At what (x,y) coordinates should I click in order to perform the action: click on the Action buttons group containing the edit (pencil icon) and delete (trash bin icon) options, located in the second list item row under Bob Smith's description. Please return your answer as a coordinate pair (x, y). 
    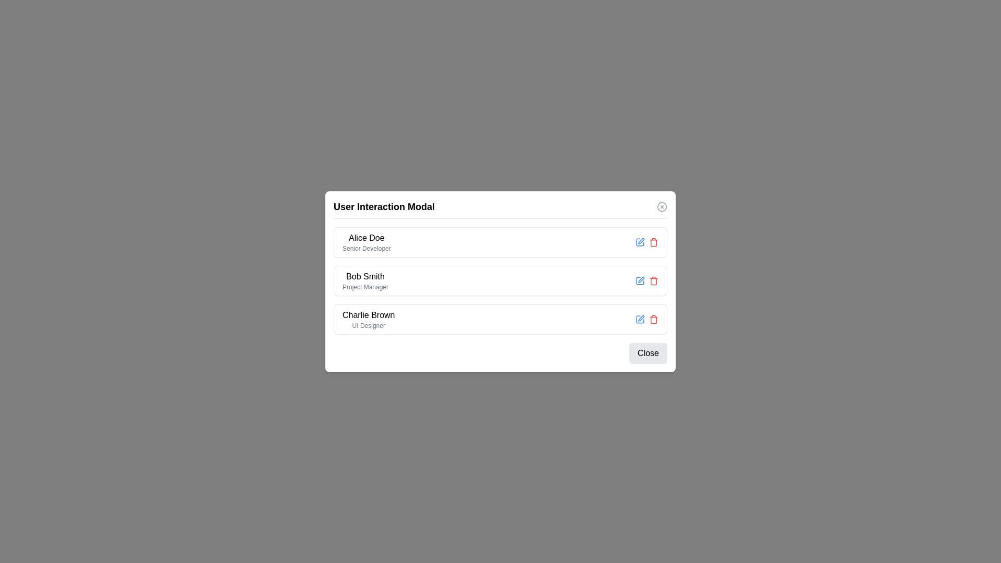
    Looking at the image, I should click on (646, 279).